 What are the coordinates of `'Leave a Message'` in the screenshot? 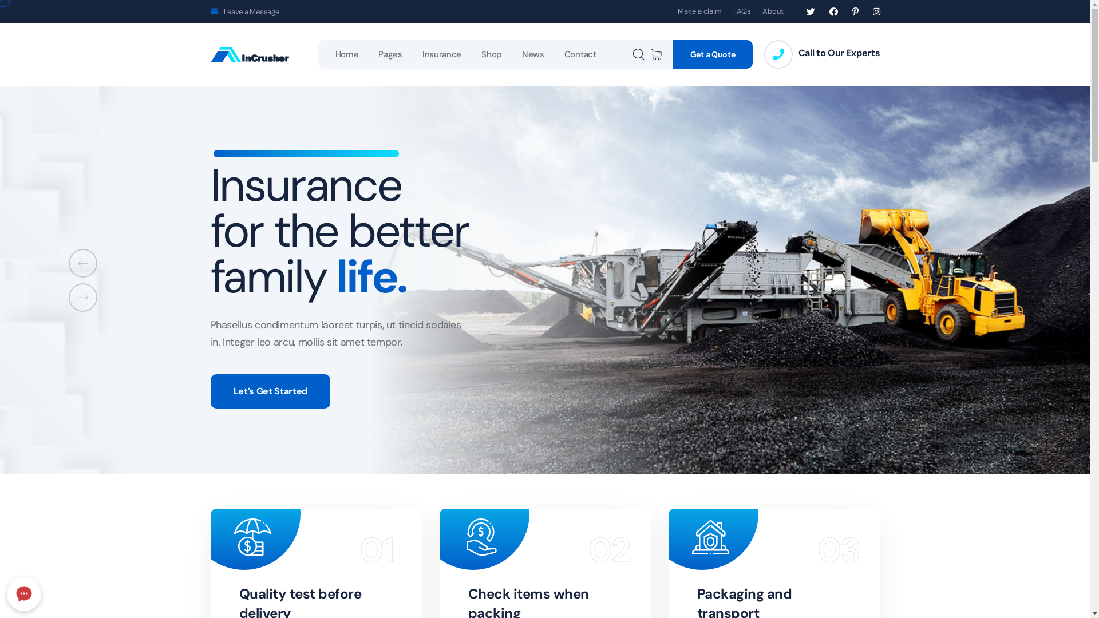 It's located at (223, 11).